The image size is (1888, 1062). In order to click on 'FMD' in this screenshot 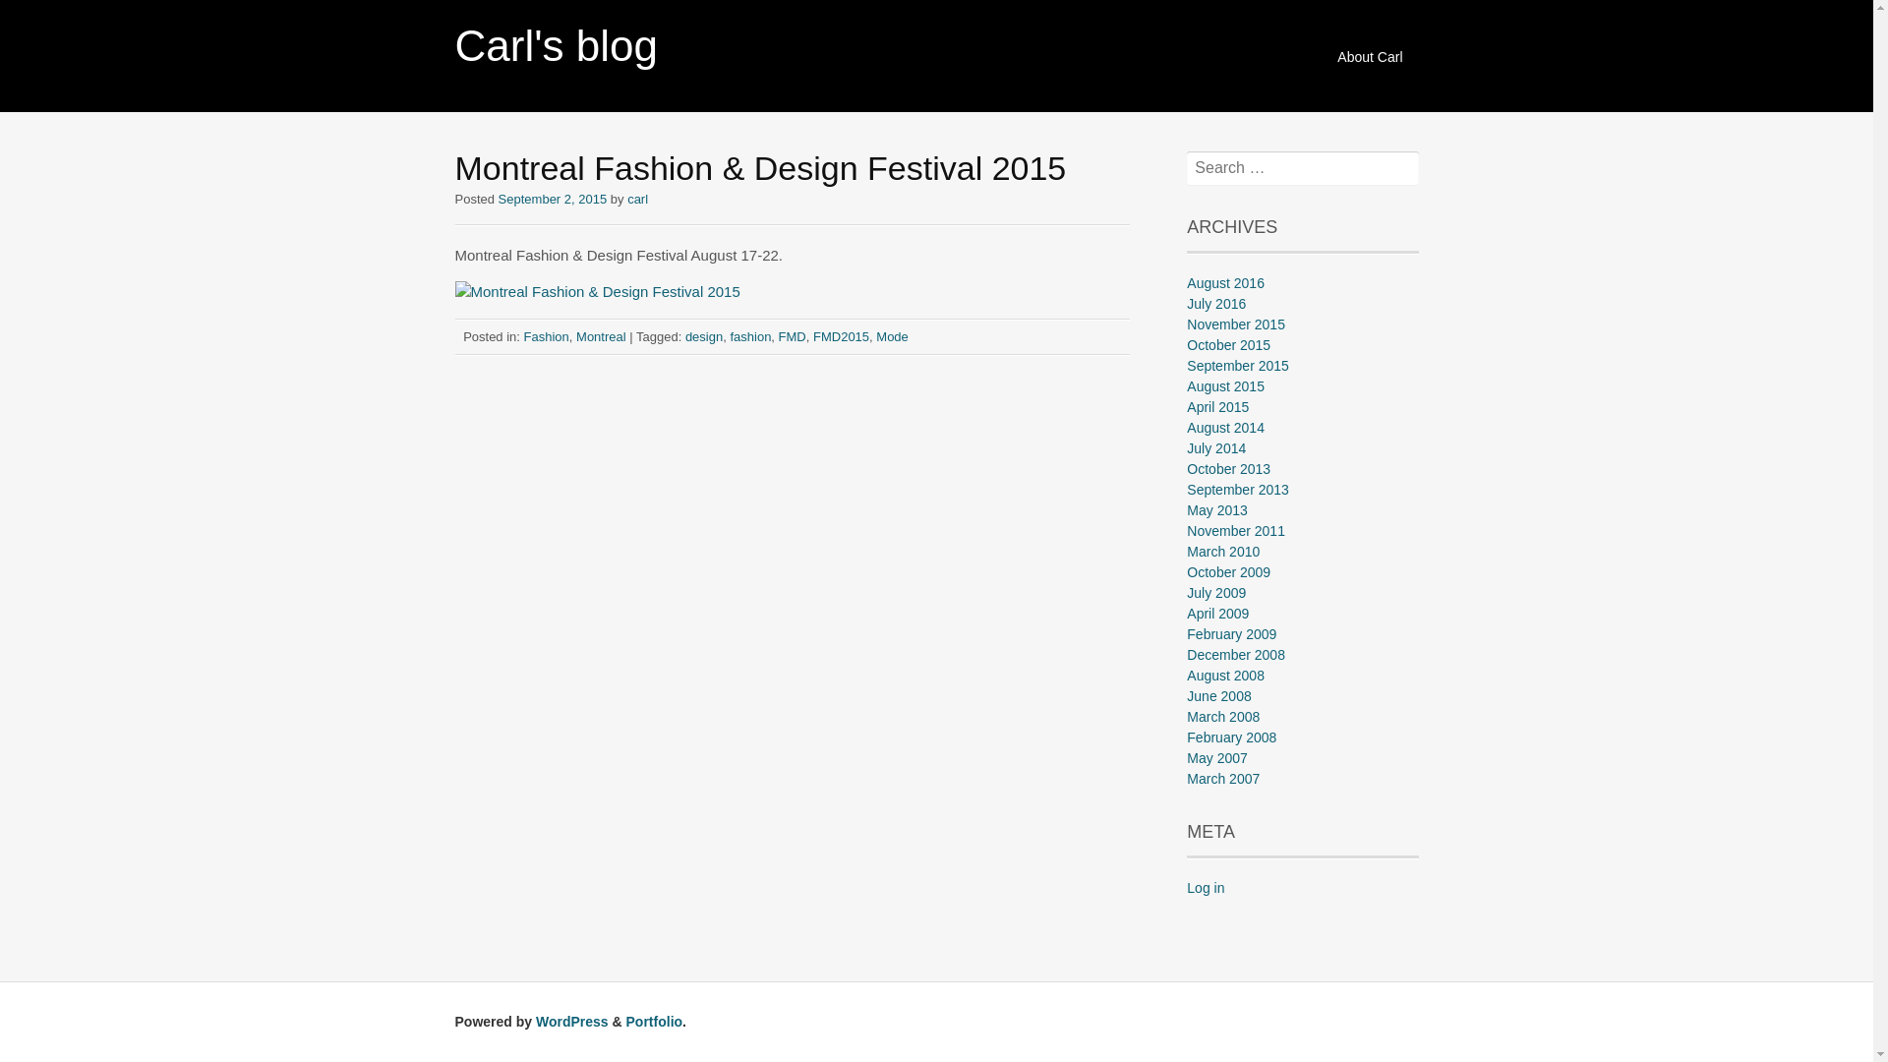, I will do `click(793, 334)`.